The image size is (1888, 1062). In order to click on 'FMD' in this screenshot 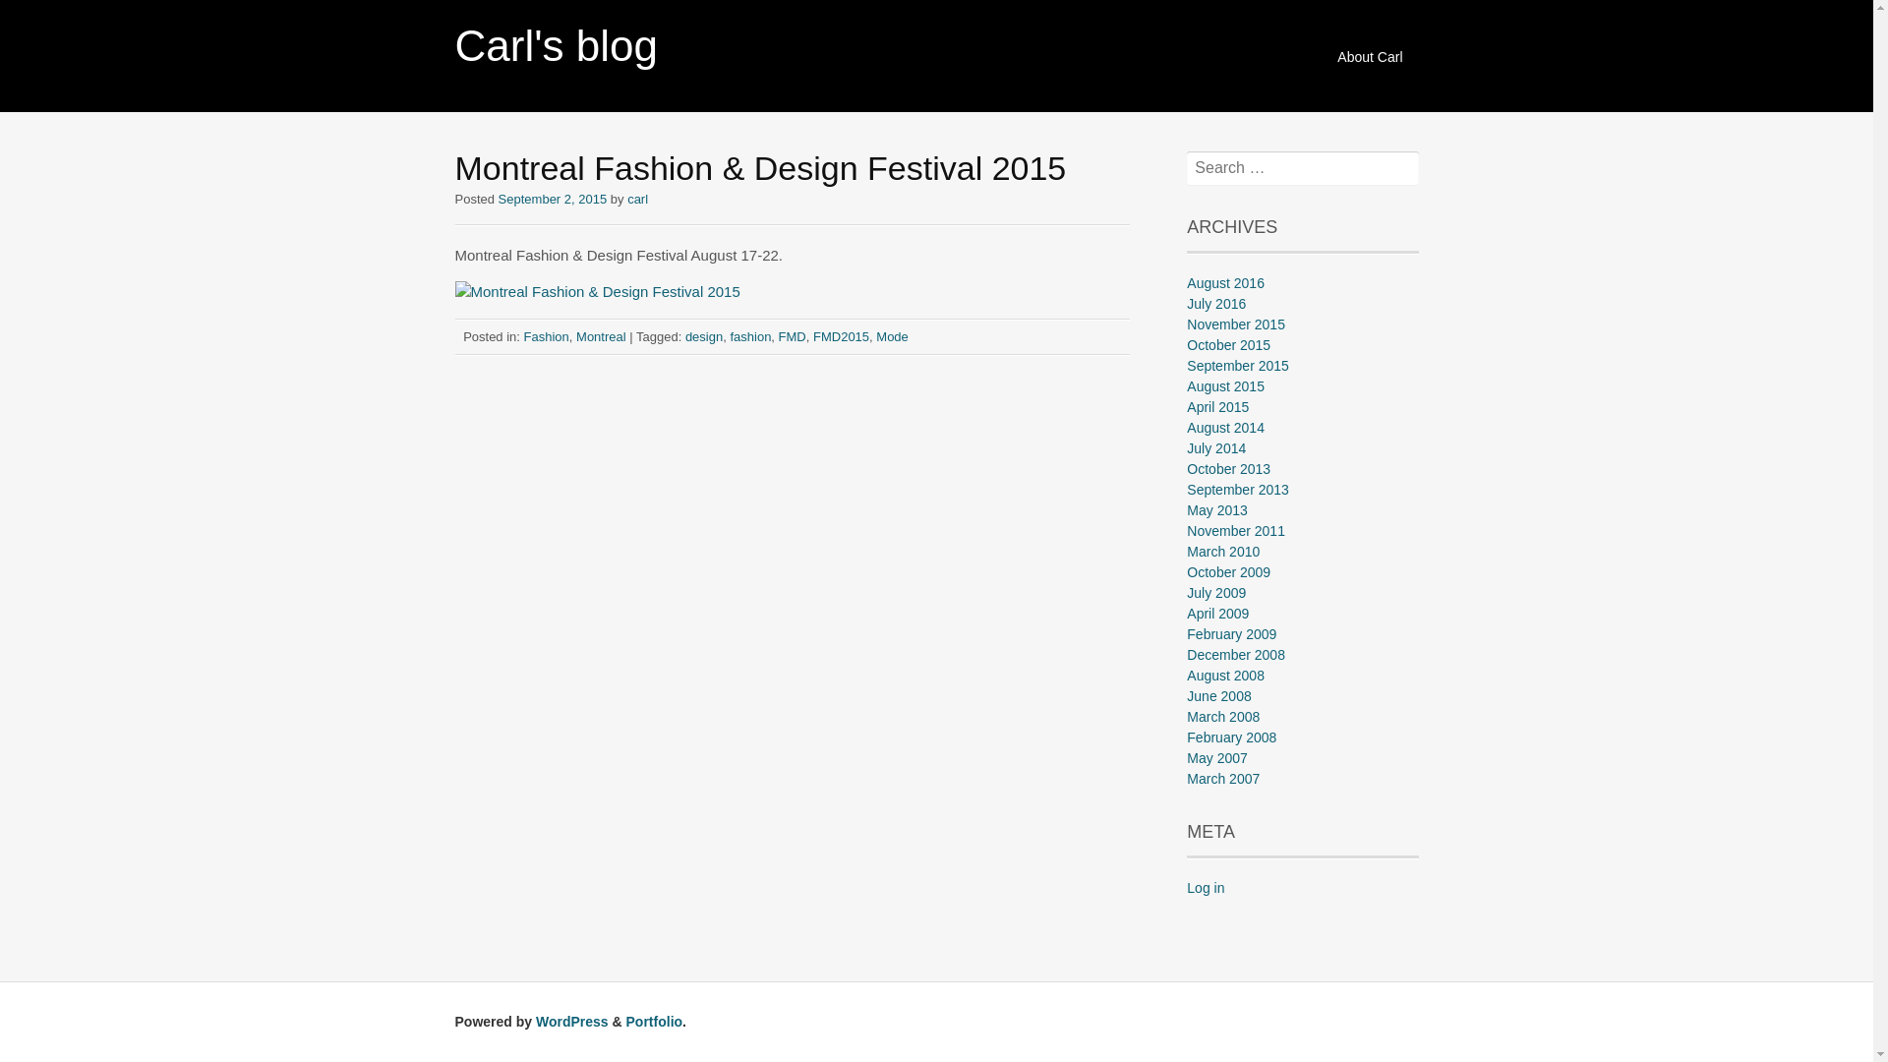, I will do `click(793, 334)`.